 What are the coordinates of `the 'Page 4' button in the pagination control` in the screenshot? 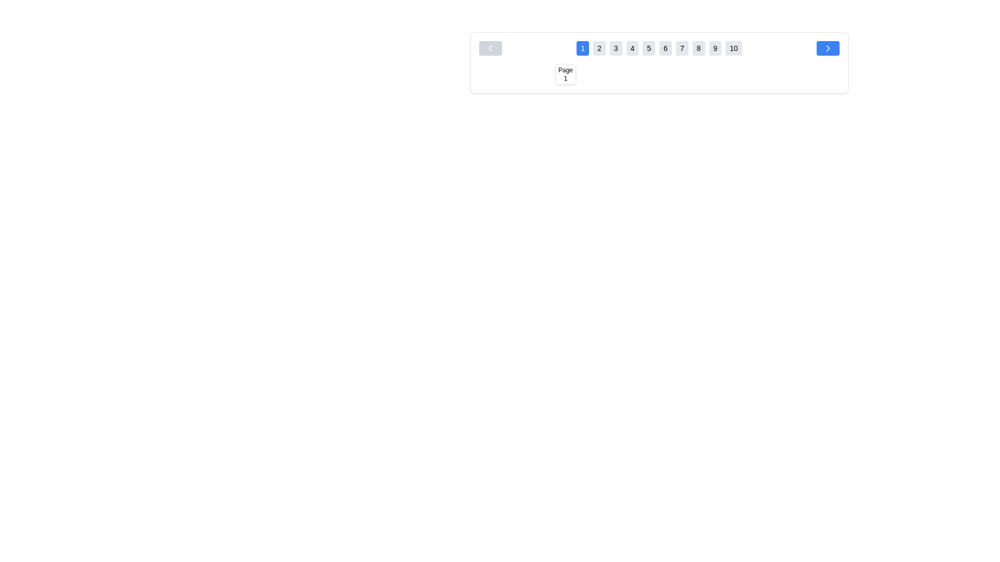 It's located at (627, 73).